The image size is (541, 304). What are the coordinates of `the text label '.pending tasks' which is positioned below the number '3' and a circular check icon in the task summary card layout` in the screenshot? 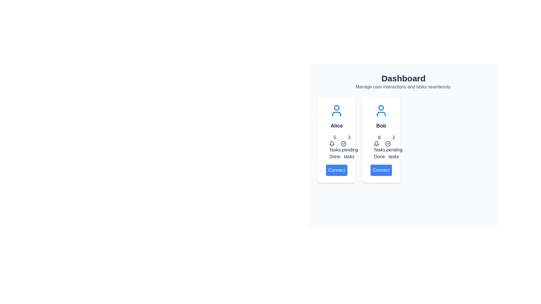 It's located at (349, 153).